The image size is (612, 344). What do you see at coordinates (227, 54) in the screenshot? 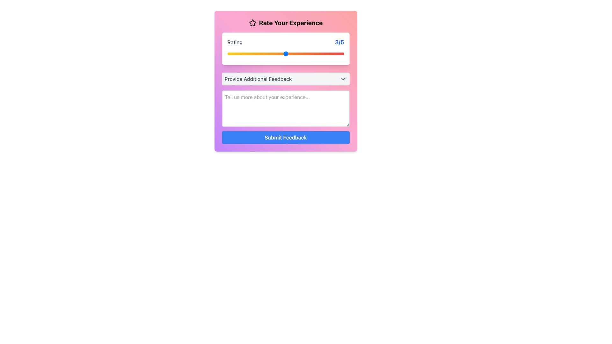
I see `the slider` at bounding box center [227, 54].